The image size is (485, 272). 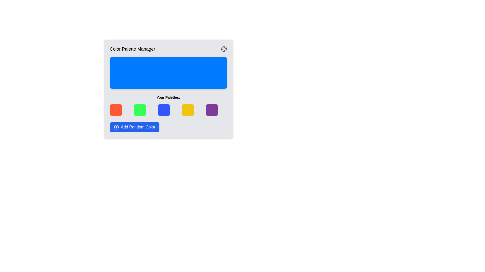 I want to click on the button located beneath the 'Your Palettes:' section, so click(x=134, y=127).